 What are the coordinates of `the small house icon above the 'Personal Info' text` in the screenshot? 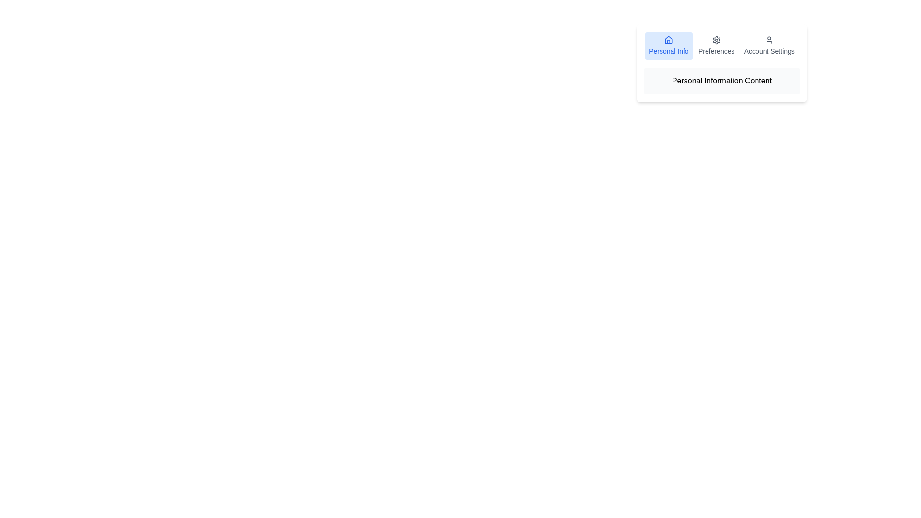 It's located at (668, 40).